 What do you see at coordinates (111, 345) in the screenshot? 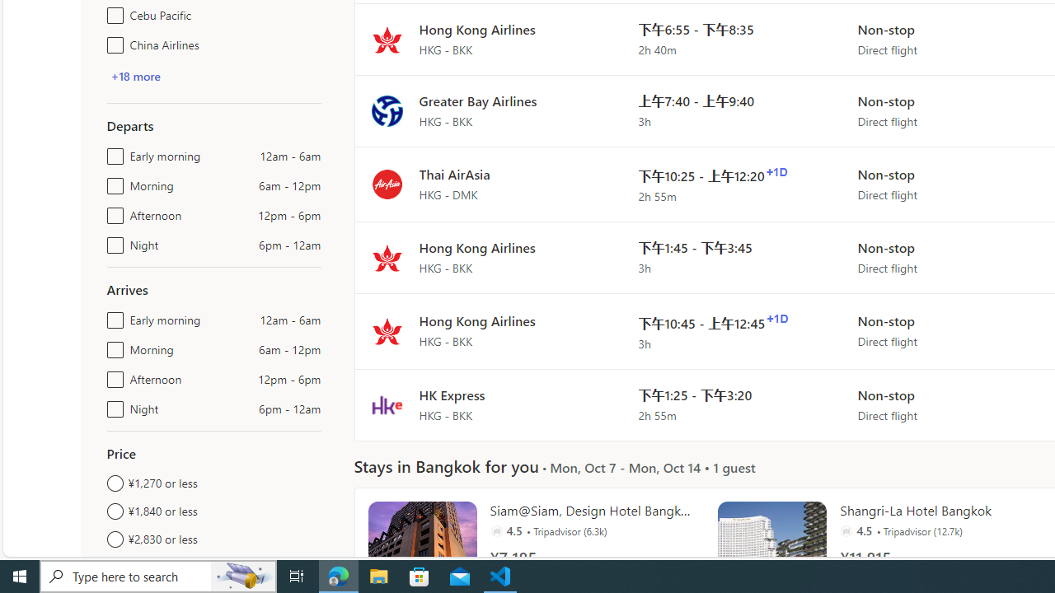
I see `'Morning6am - 12pm'` at bounding box center [111, 345].